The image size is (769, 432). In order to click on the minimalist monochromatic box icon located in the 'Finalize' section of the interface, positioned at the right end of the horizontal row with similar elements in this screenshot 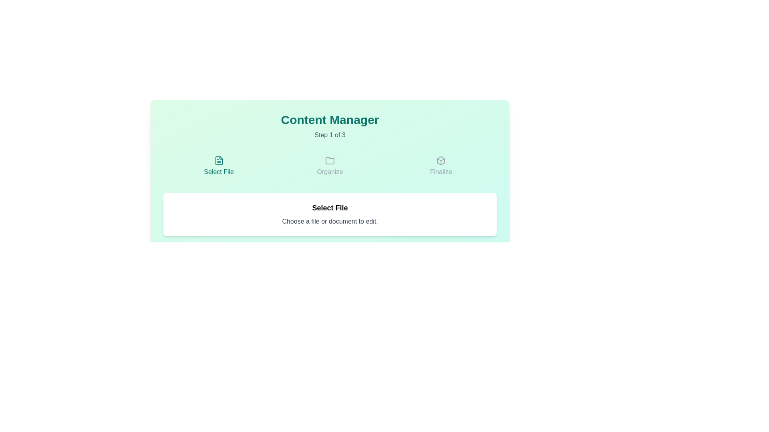, I will do `click(441, 160)`.